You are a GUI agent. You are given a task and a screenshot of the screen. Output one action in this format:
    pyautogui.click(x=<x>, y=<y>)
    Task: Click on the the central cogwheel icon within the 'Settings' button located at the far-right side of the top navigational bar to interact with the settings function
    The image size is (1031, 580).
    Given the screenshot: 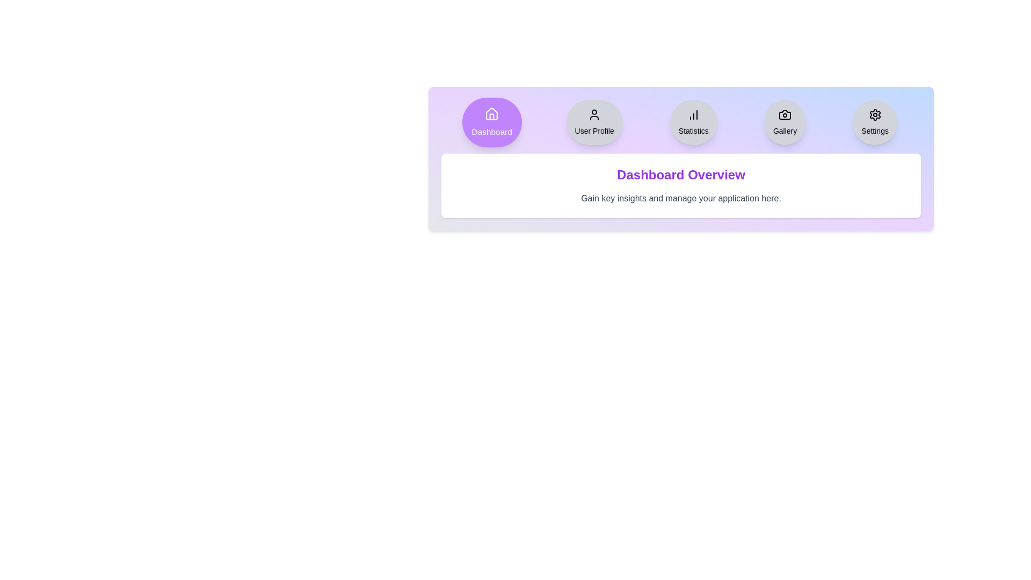 What is the action you would take?
    pyautogui.click(x=875, y=114)
    